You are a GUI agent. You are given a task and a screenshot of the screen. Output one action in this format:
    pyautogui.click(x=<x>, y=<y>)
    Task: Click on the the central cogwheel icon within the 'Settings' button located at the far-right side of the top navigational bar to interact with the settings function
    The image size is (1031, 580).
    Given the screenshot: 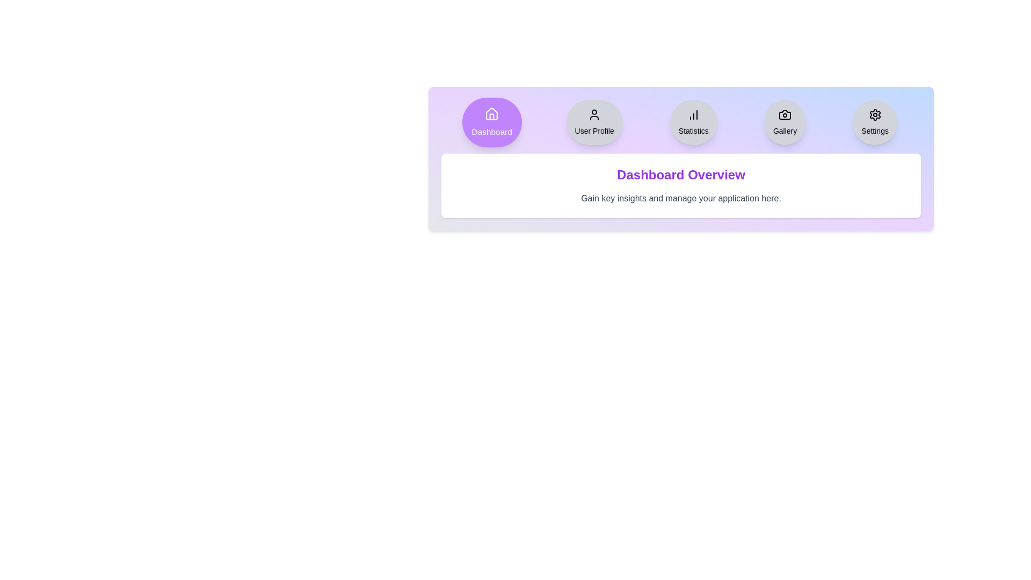 What is the action you would take?
    pyautogui.click(x=875, y=114)
    